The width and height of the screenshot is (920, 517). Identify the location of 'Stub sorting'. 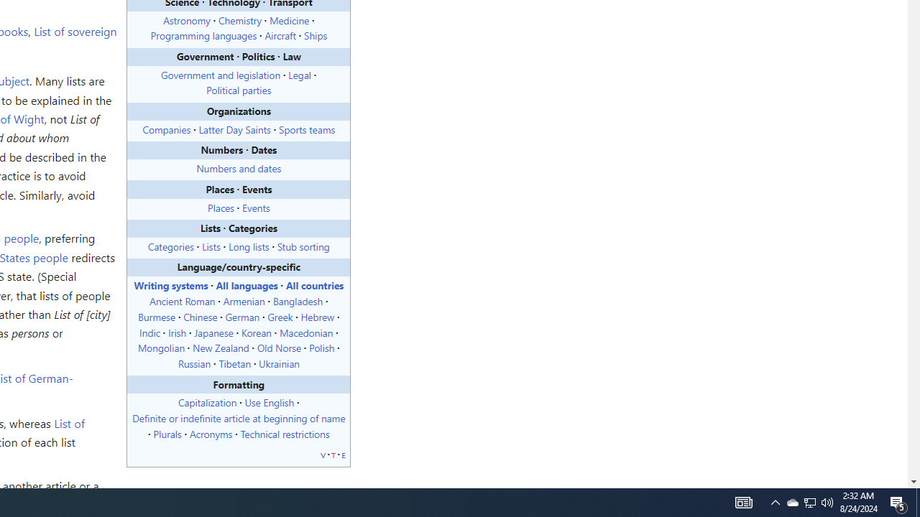
(303, 245).